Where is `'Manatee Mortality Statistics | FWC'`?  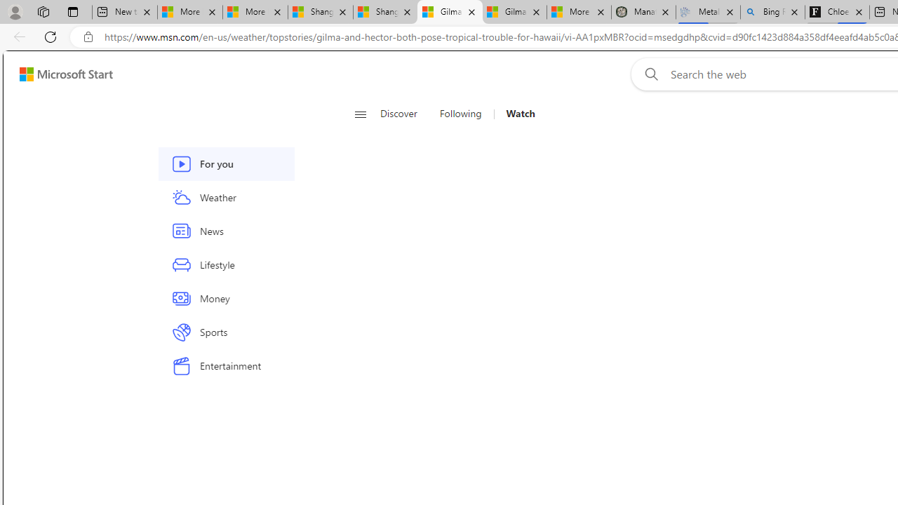 'Manatee Mortality Statistics | FWC' is located at coordinates (643, 12).